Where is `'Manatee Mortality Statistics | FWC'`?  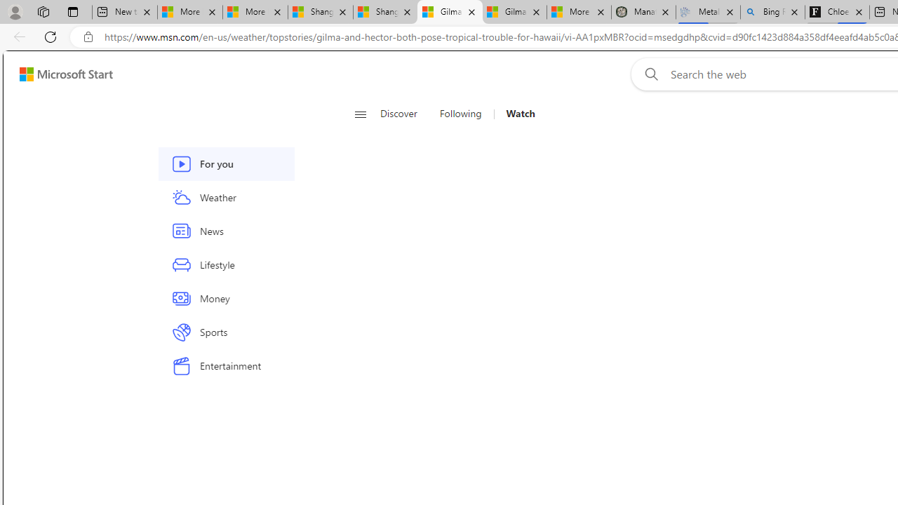 'Manatee Mortality Statistics | FWC' is located at coordinates (643, 12).